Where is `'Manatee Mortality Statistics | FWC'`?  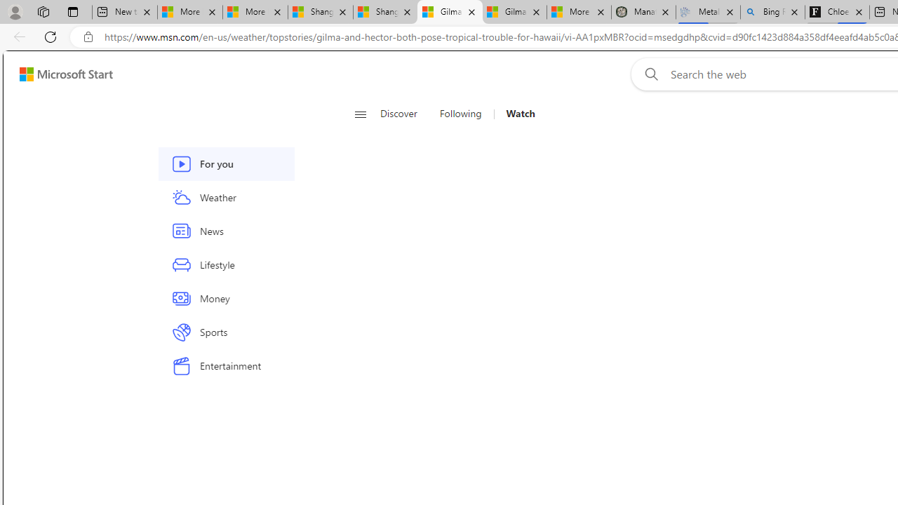 'Manatee Mortality Statistics | FWC' is located at coordinates (643, 12).